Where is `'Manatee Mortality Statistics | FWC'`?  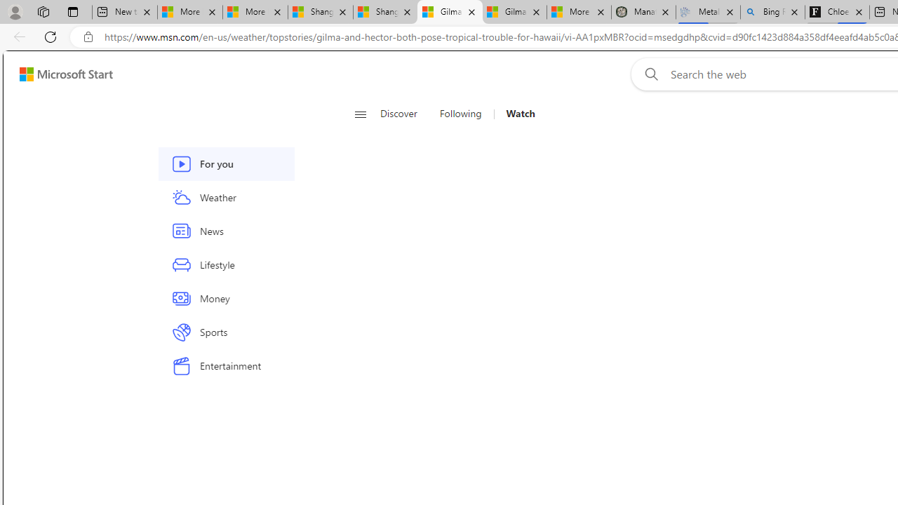 'Manatee Mortality Statistics | FWC' is located at coordinates (643, 12).